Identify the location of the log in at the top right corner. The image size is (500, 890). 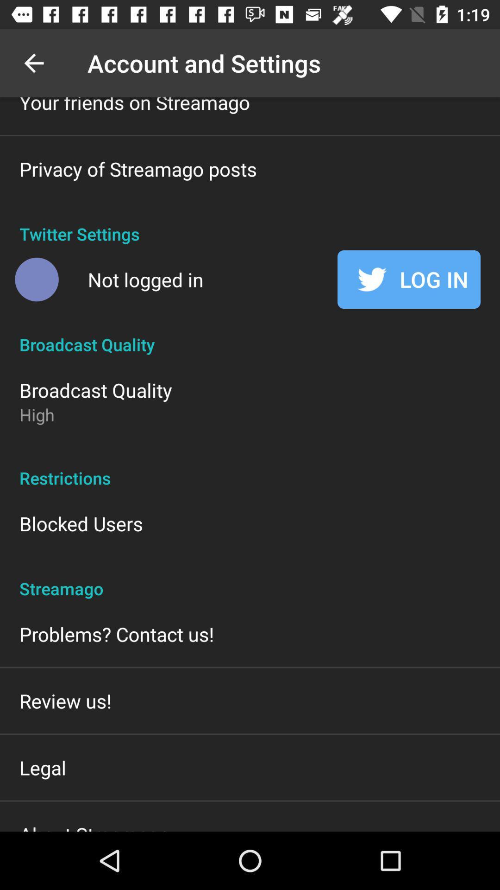
(408, 279).